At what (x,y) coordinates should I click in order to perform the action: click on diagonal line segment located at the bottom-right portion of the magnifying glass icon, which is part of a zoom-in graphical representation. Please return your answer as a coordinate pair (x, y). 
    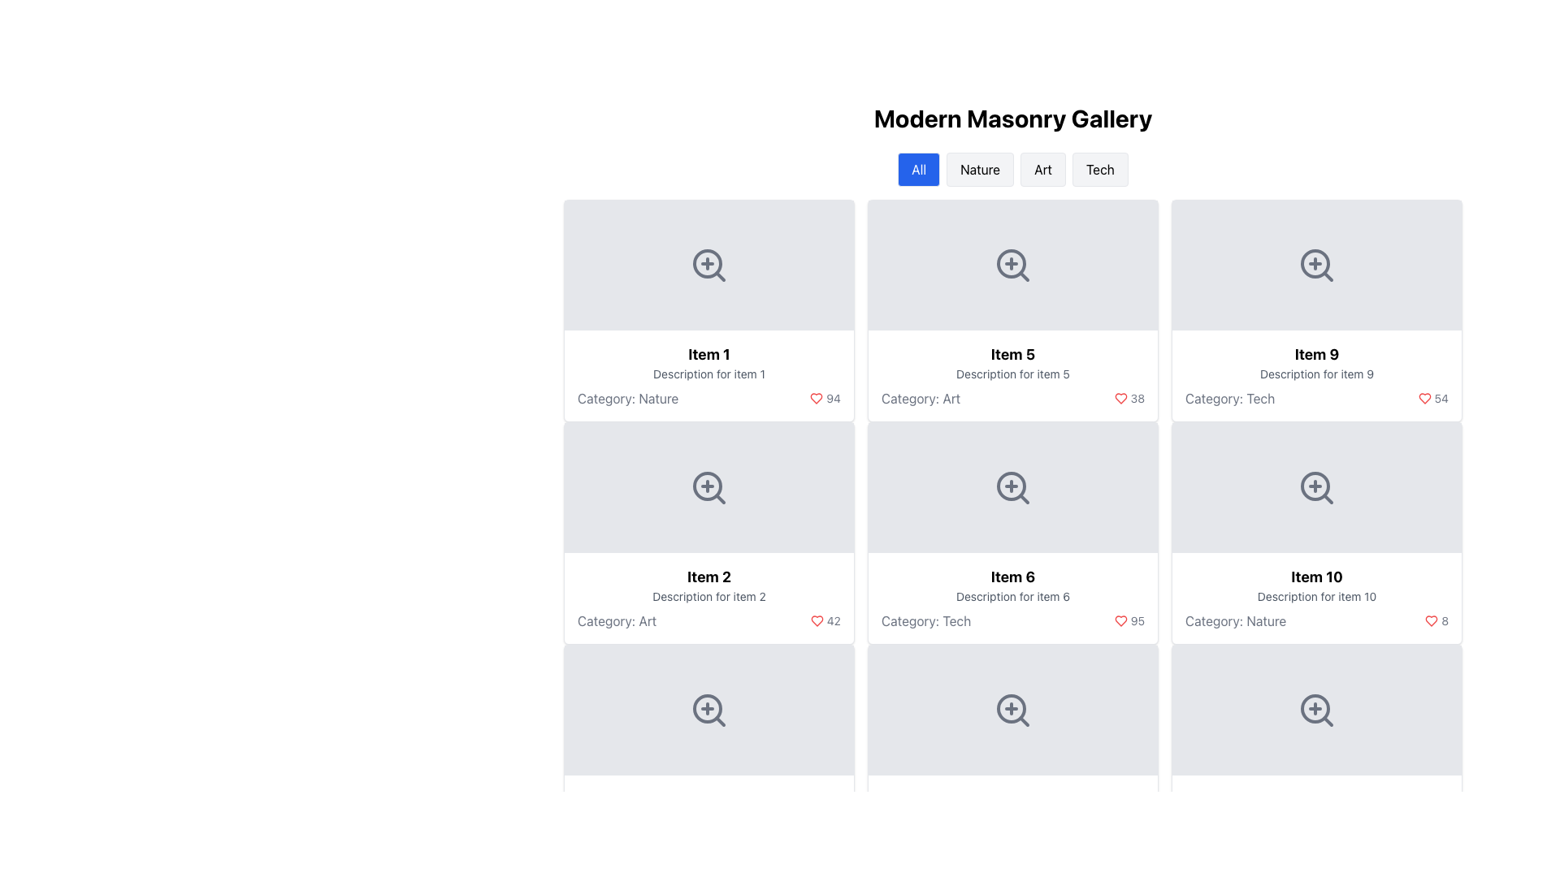
    Looking at the image, I should click on (1023, 720).